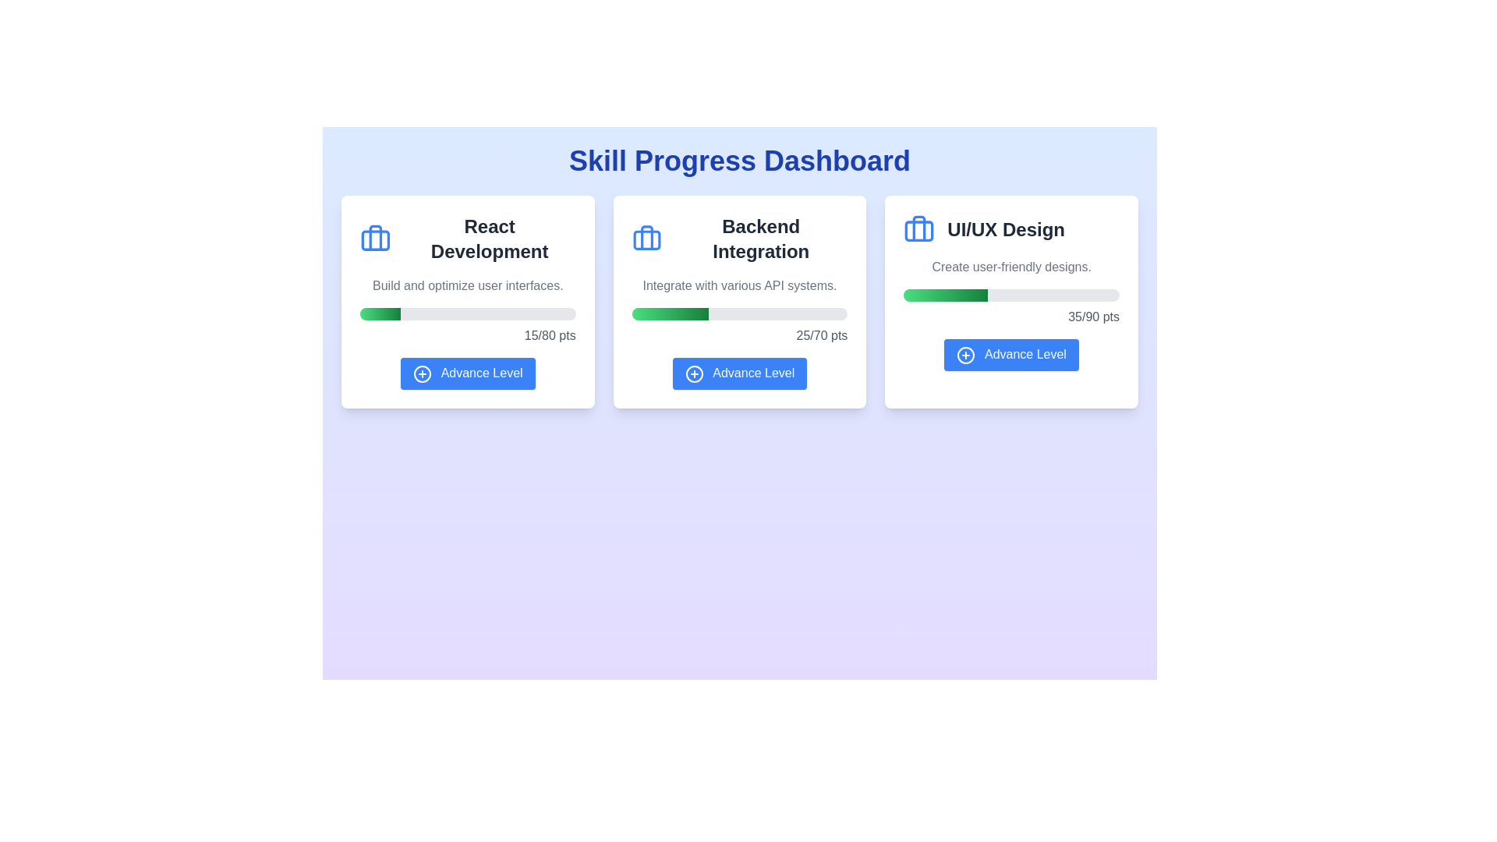 Image resolution: width=1497 pixels, height=842 pixels. Describe the element at coordinates (1011, 355) in the screenshot. I see `the button located at the bottom of the 'UI/UX Design' card` at that location.